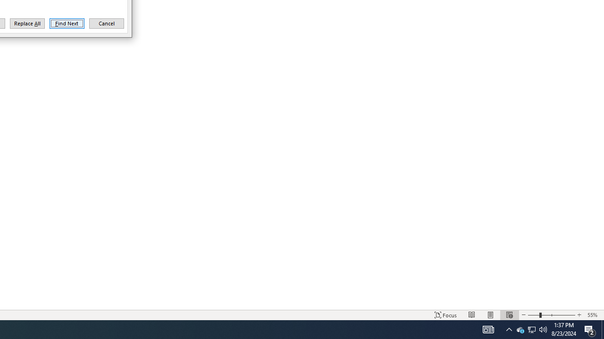  What do you see at coordinates (106, 23) in the screenshot?
I see `'Cancel'` at bounding box center [106, 23].